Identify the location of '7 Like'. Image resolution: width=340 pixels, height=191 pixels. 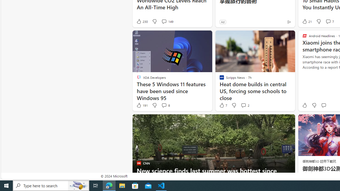
(223, 105).